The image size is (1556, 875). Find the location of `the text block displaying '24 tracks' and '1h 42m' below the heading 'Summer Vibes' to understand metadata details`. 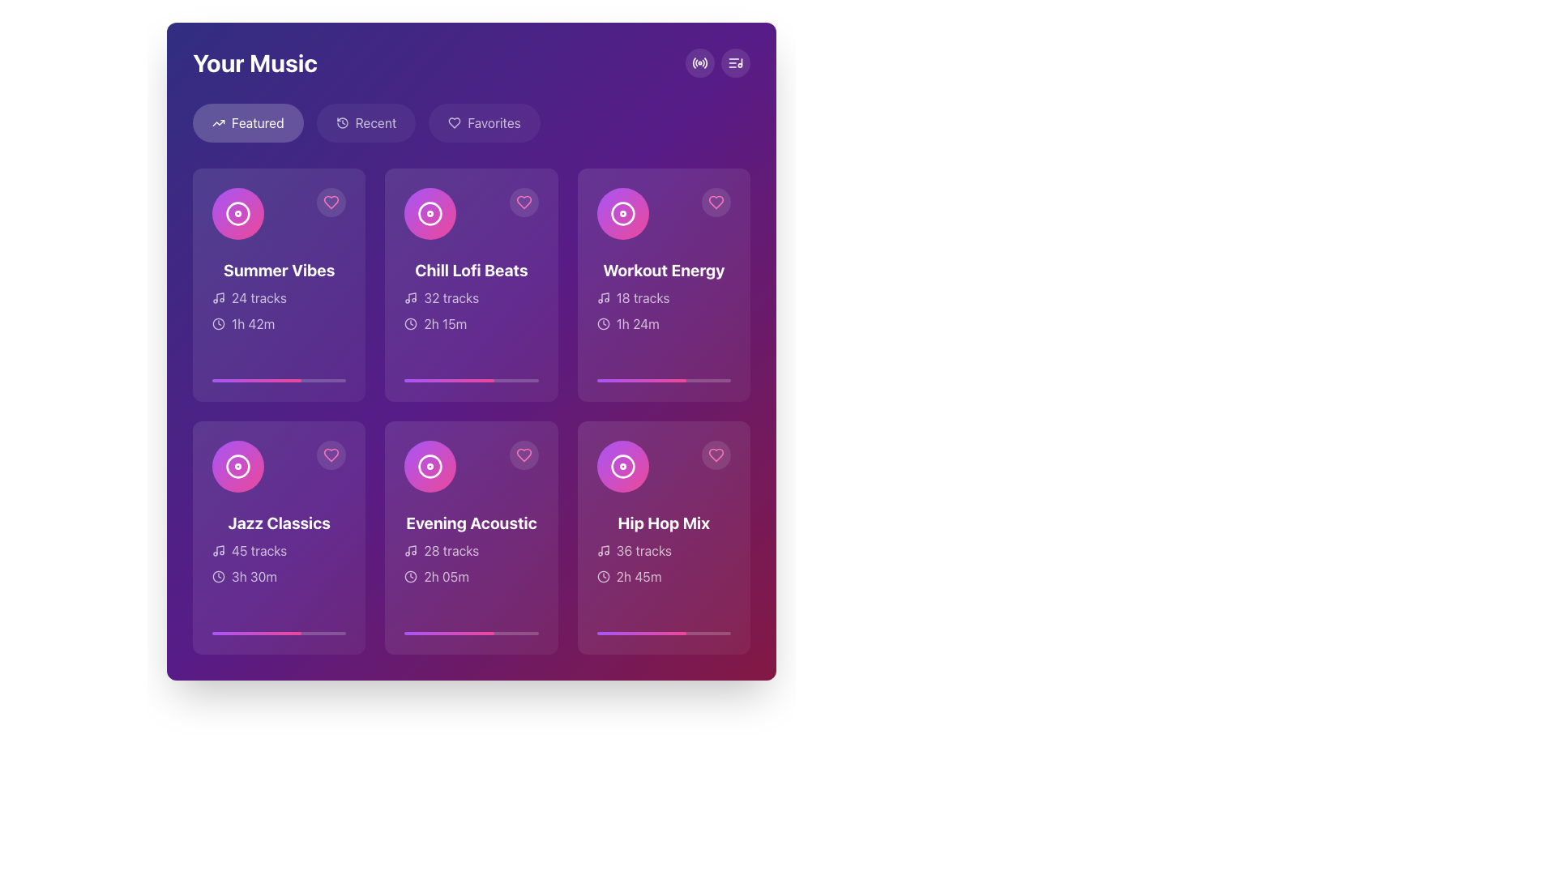

the text block displaying '24 tracks' and '1h 42m' below the heading 'Summer Vibes' to understand metadata details is located at coordinates (279, 311).